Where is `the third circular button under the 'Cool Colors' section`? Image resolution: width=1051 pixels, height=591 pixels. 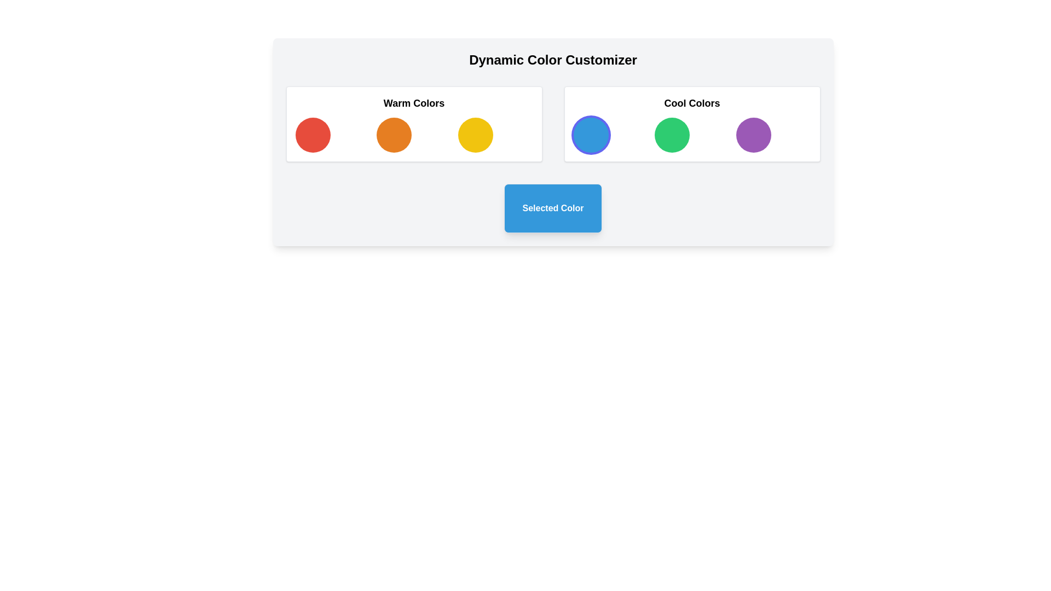 the third circular button under the 'Cool Colors' section is located at coordinates (753, 134).